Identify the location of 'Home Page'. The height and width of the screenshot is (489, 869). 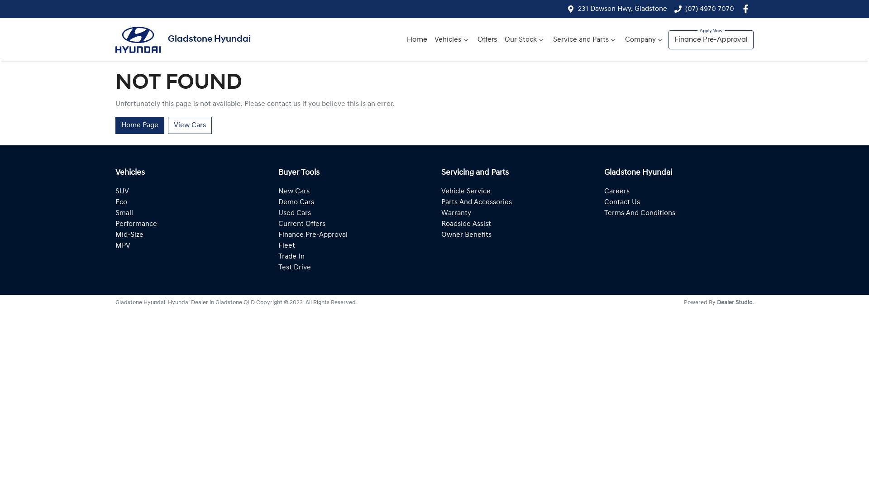
(139, 125).